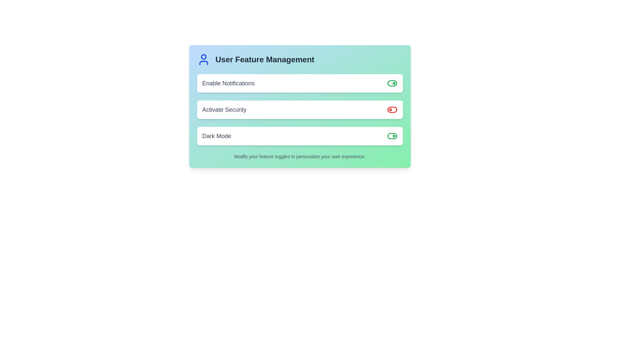 The height and width of the screenshot is (356, 633). What do you see at coordinates (203, 63) in the screenshot?
I see `the decorative user icon located at the bottom half of the SVG user icon, positioned below the head and above the oval component` at bounding box center [203, 63].